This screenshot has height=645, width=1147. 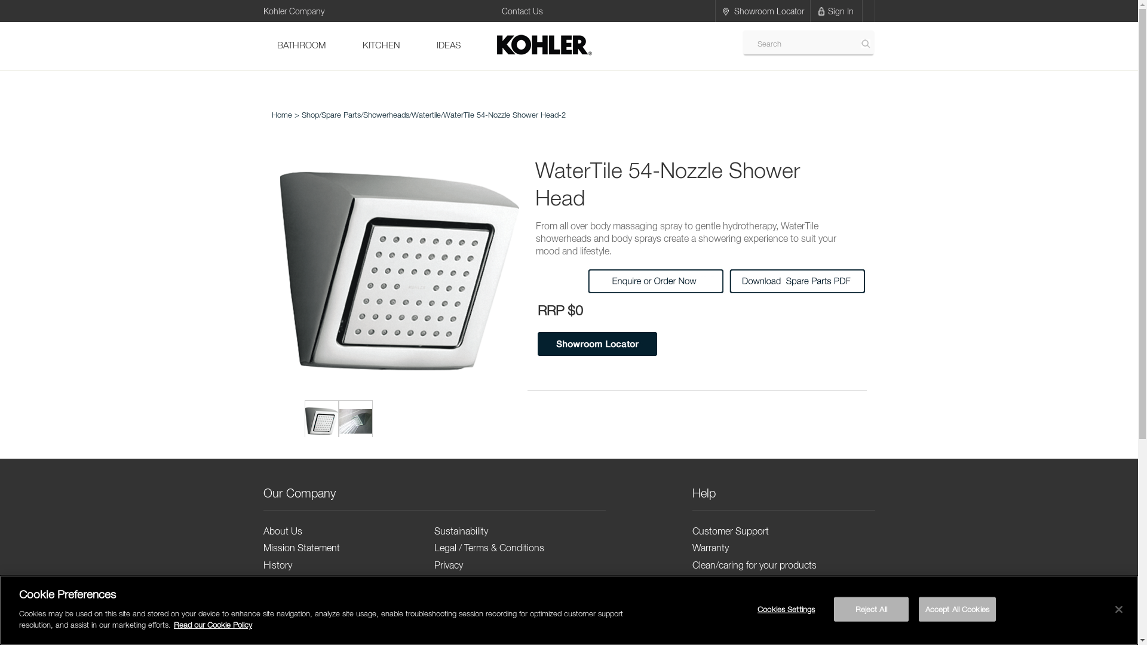 What do you see at coordinates (461, 530) in the screenshot?
I see `'Sustainability'` at bounding box center [461, 530].